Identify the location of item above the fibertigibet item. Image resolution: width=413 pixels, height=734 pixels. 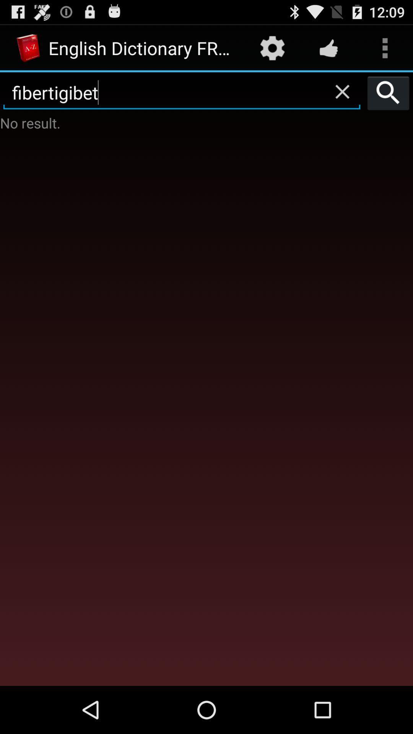
(328, 47).